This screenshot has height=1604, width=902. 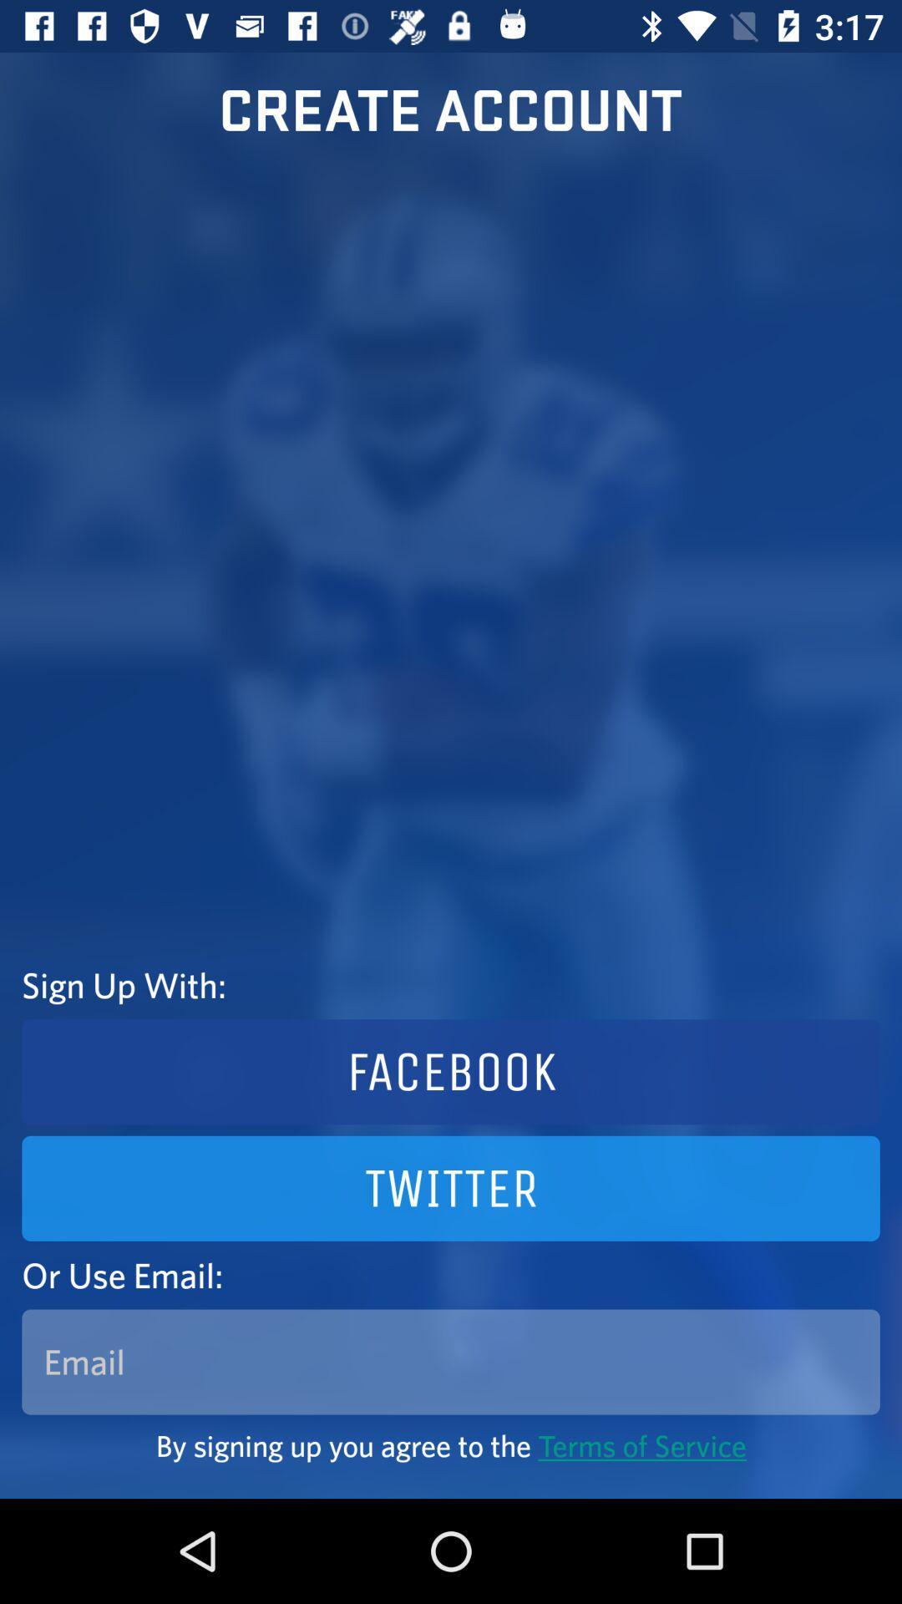 I want to click on twitter item, so click(x=451, y=1187).